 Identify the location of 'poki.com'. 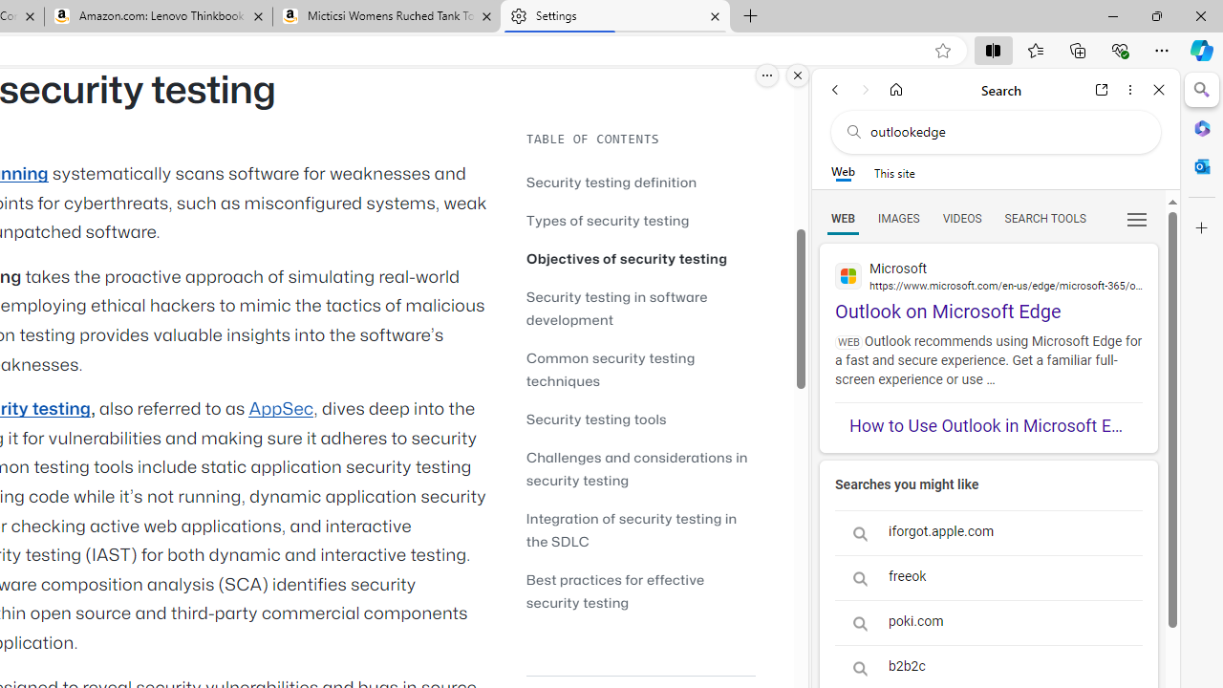
(988, 623).